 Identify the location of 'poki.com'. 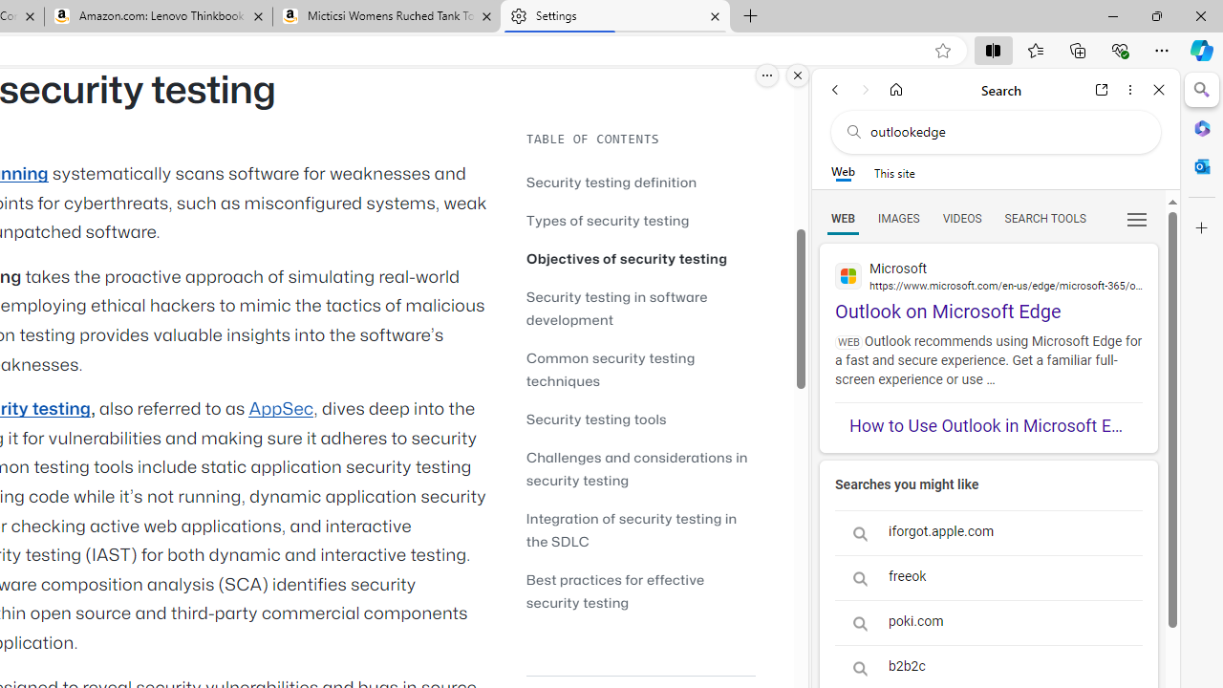
(988, 623).